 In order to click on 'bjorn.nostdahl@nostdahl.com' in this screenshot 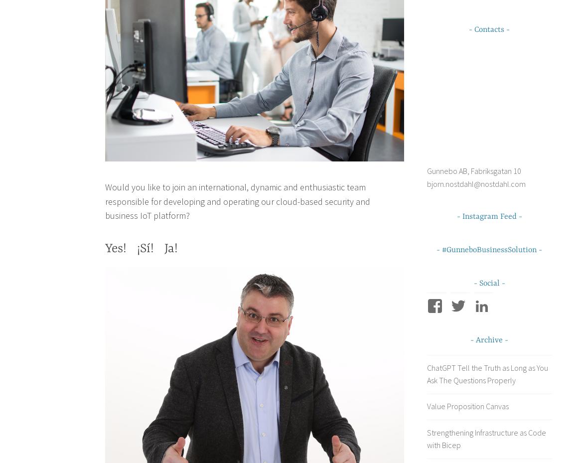, I will do `click(427, 183)`.